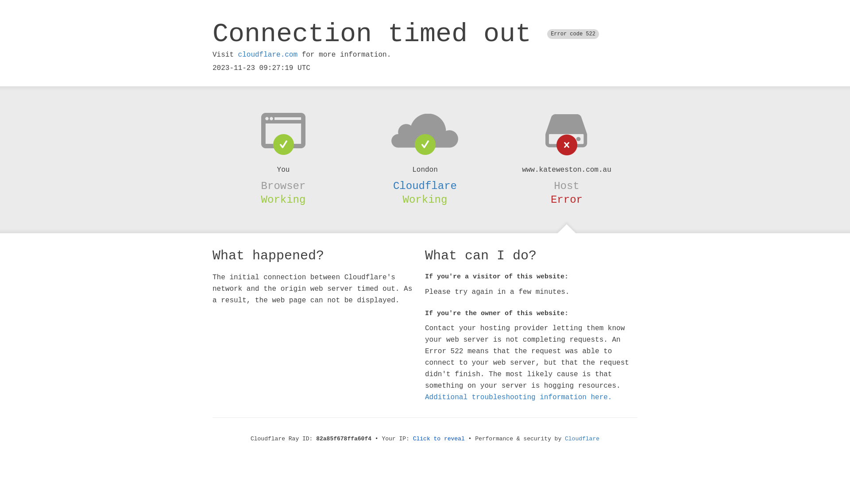 The width and height of the screenshot is (850, 478). Describe the element at coordinates (518, 397) in the screenshot. I see `'Additional troubleshooting information here.'` at that location.